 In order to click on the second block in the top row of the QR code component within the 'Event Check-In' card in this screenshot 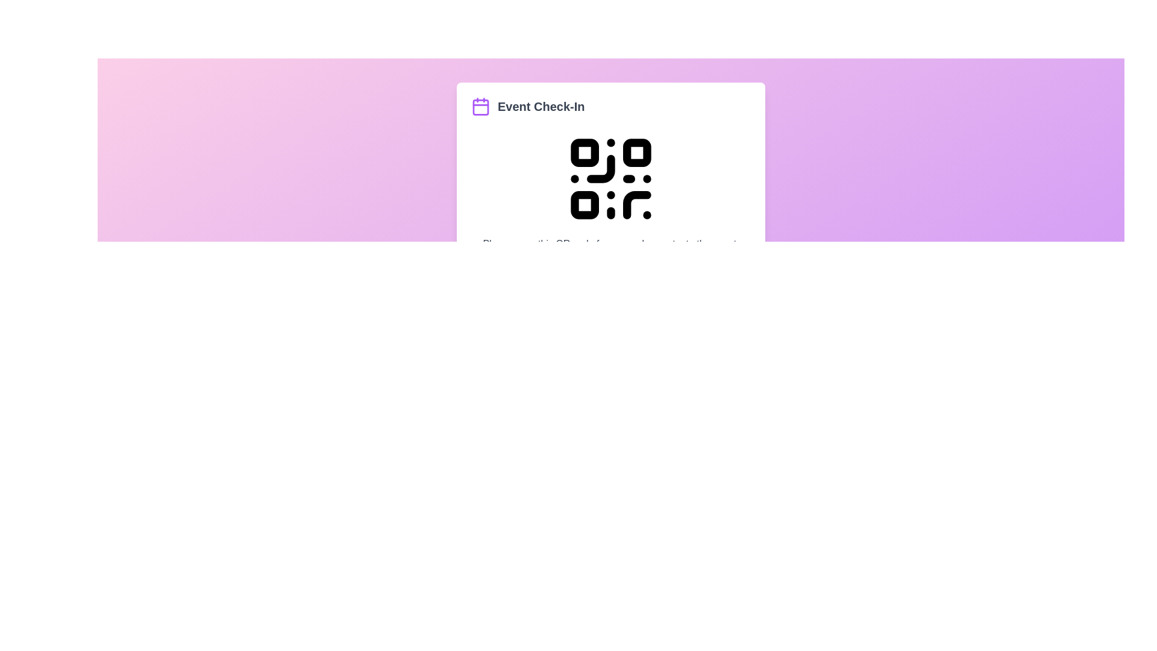, I will do `click(636, 152)`.